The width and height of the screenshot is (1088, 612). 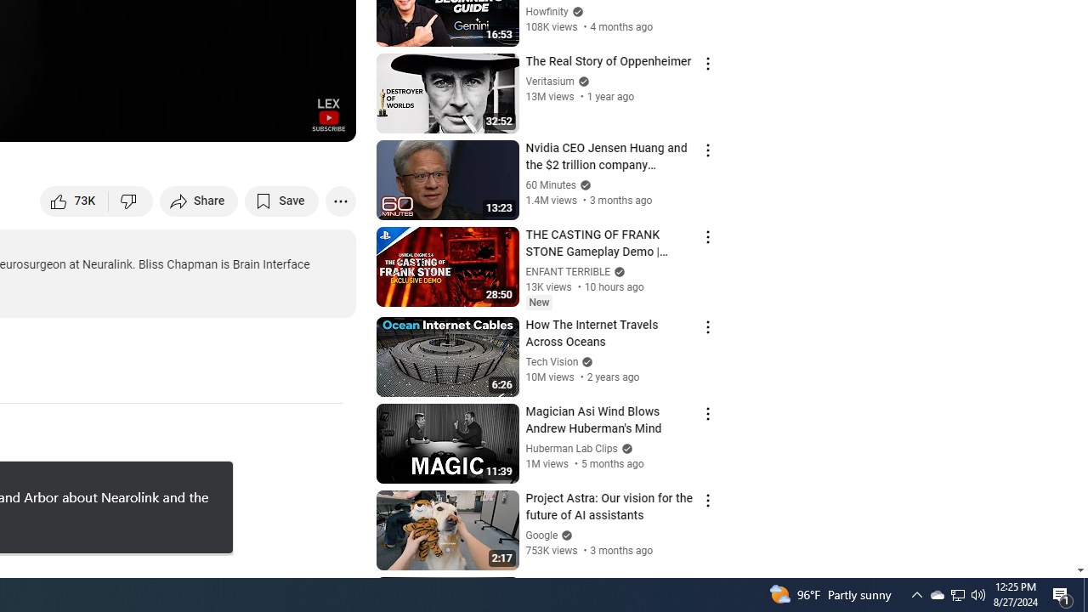 What do you see at coordinates (130, 200) in the screenshot?
I see `'Dislike this video'` at bounding box center [130, 200].